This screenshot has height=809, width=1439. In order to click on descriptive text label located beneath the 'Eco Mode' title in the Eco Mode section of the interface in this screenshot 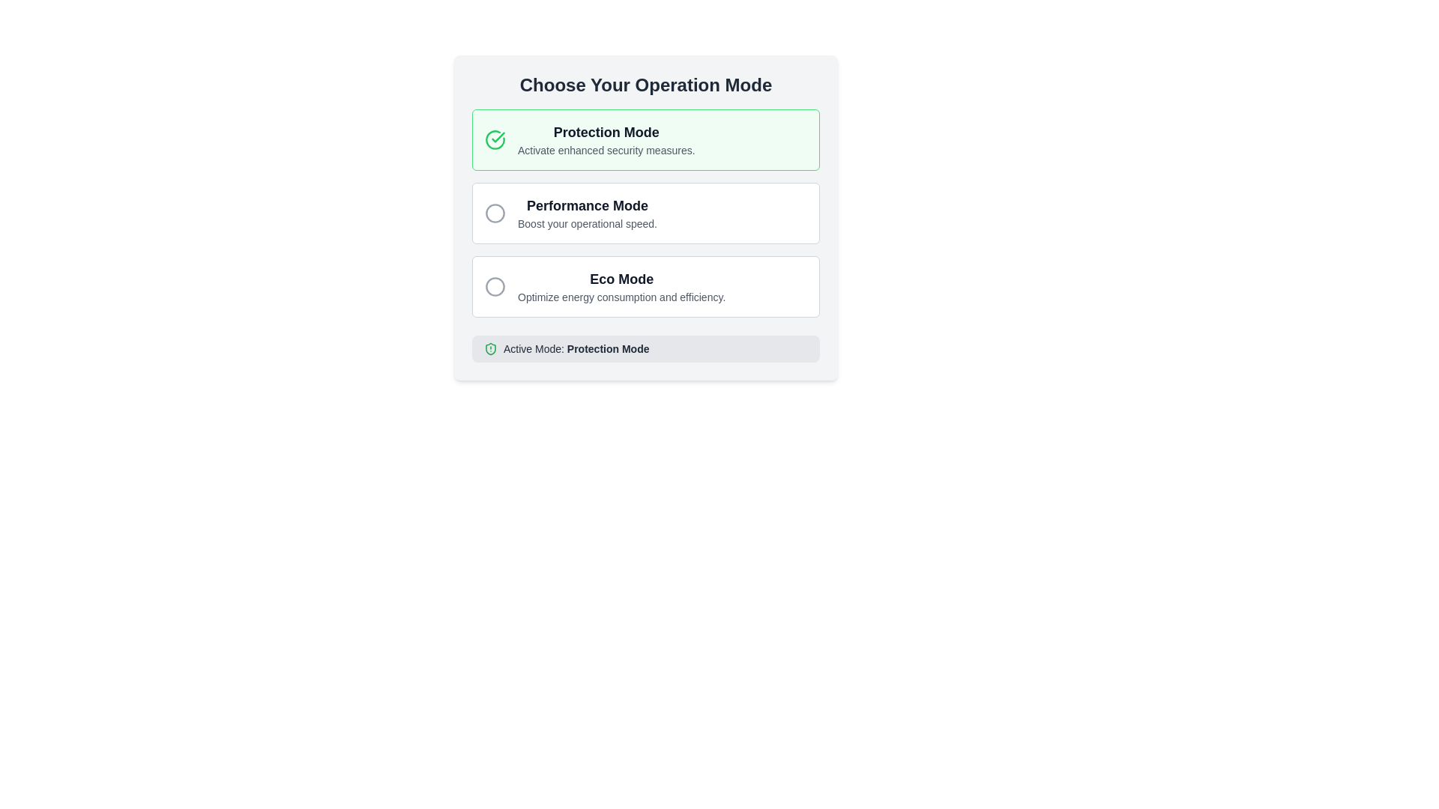, I will do `click(621, 297)`.